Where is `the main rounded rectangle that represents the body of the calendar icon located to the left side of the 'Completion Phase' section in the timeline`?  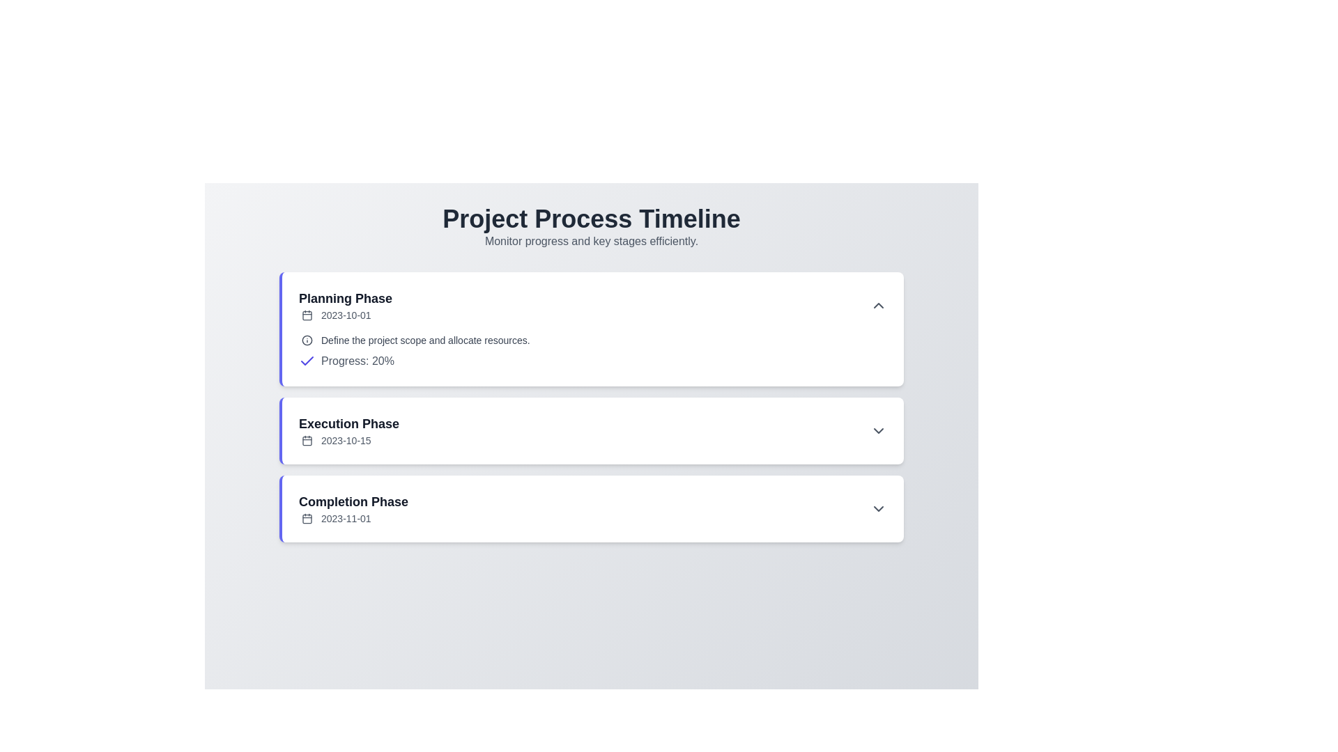
the main rounded rectangle that represents the body of the calendar icon located to the left side of the 'Completion Phase' section in the timeline is located at coordinates (307, 518).